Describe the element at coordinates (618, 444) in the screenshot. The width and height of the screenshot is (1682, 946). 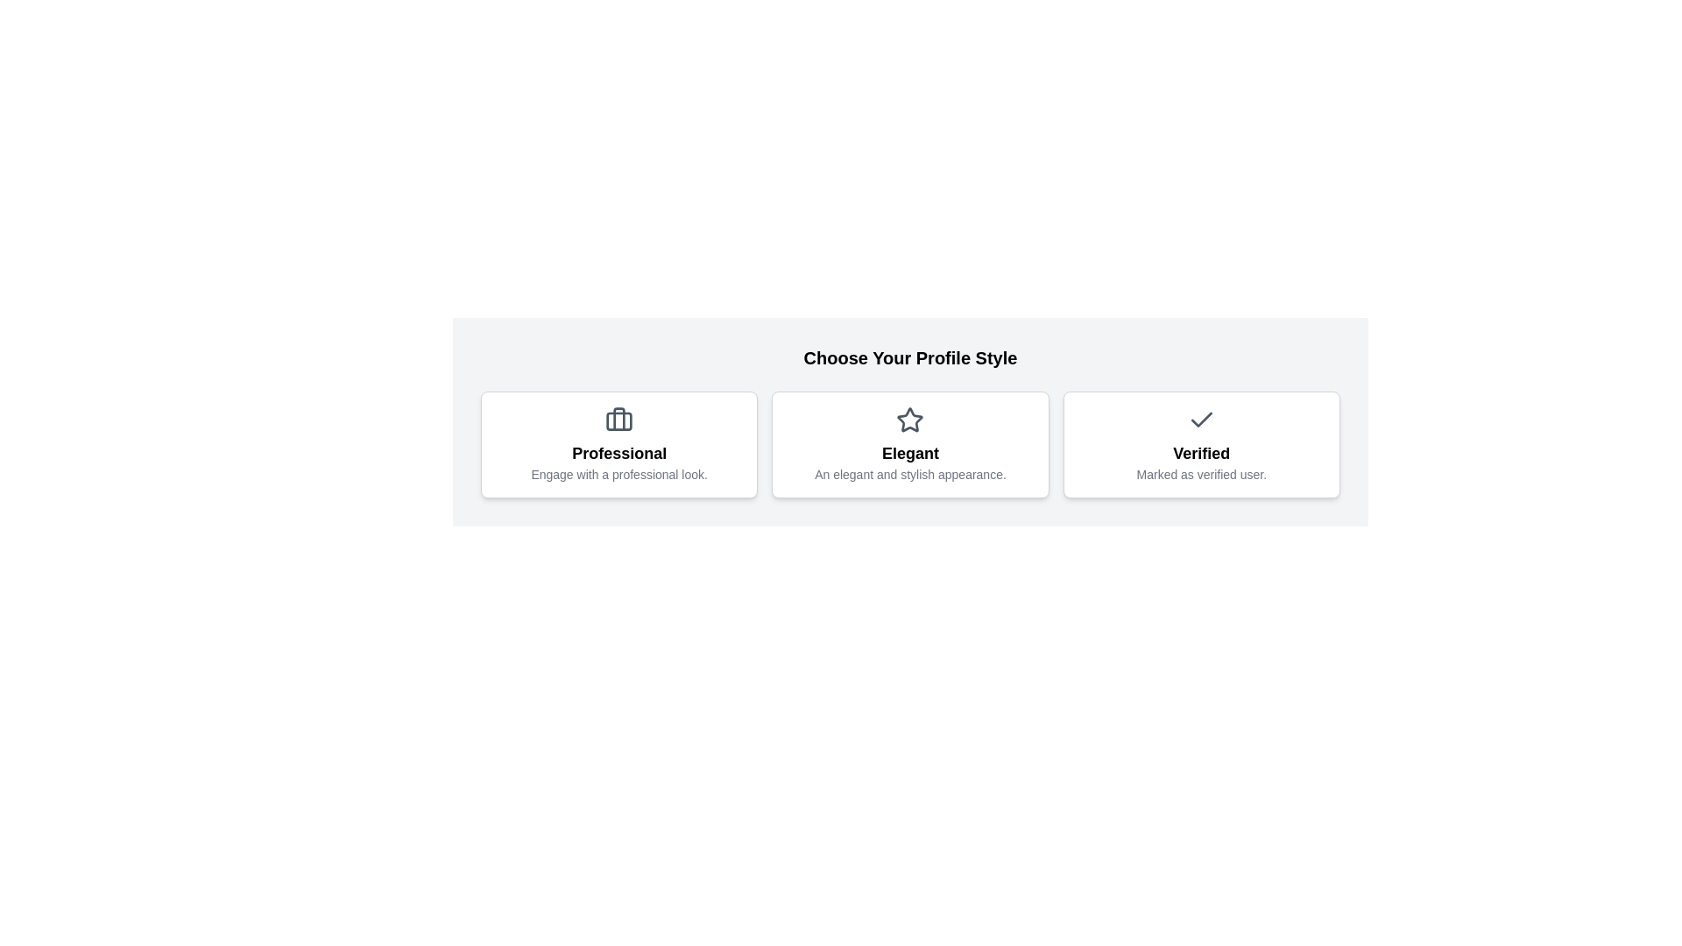
I see `the profile style Professional by clicking on its respective button` at that location.